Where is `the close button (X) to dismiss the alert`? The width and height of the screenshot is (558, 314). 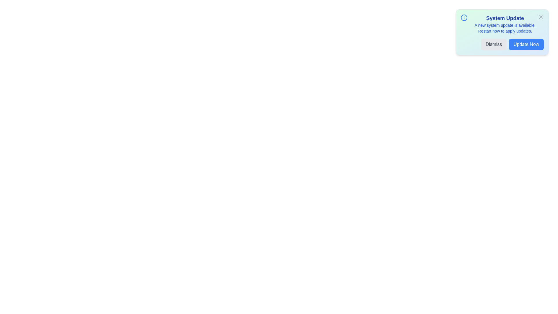 the close button (X) to dismiss the alert is located at coordinates (541, 17).